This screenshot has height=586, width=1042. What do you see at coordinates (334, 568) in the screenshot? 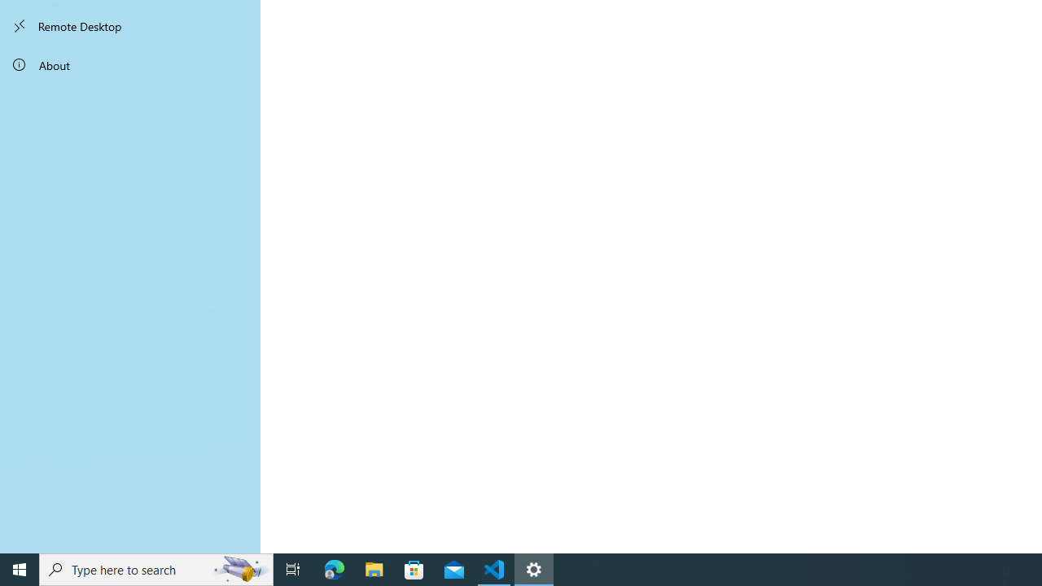
I see `'Microsoft Edge'` at bounding box center [334, 568].